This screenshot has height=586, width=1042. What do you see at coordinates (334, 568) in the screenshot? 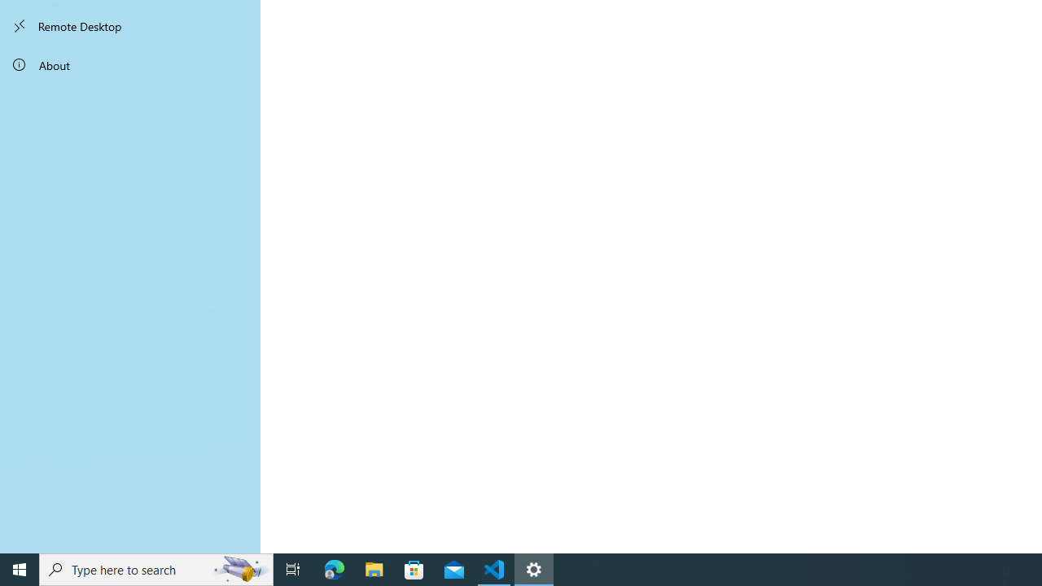
I see `'Microsoft Edge'` at bounding box center [334, 568].